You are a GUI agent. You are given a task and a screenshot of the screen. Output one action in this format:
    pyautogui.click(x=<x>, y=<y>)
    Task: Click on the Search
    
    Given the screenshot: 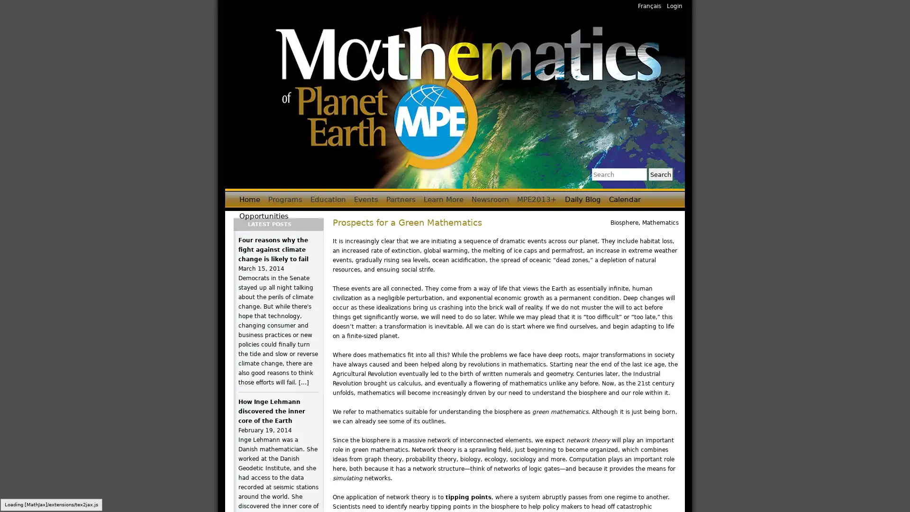 What is the action you would take?
    pyautogui.click(x=660, y=174)
    